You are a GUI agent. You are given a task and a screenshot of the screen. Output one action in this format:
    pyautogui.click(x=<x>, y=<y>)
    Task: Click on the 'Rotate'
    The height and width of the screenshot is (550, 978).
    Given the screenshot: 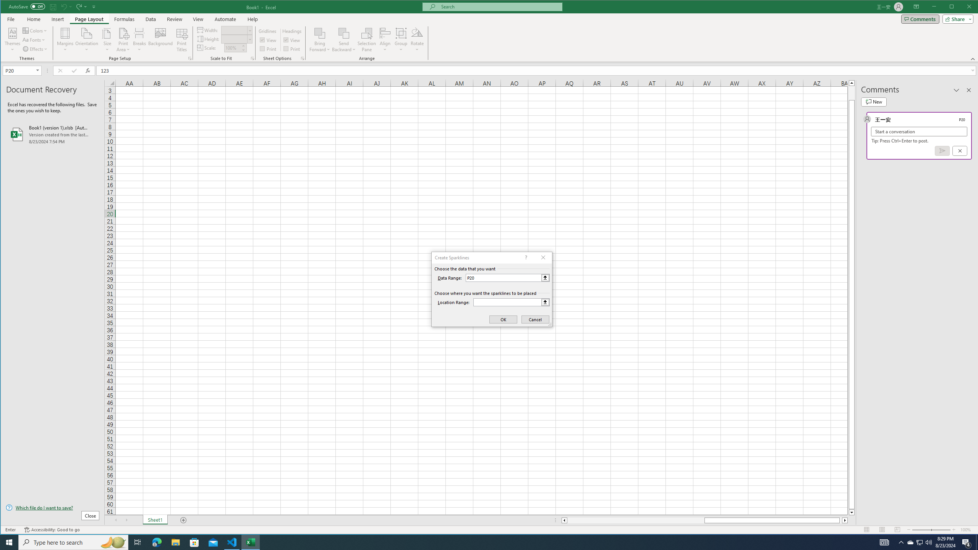 What is the action you would take?
    pyautogui.click(x=417, y=39)
    